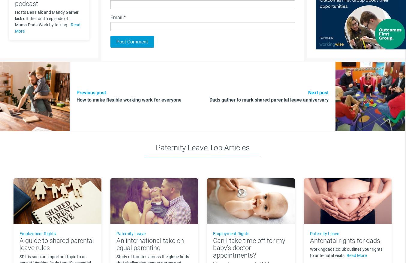  Describe the element at coordinates (344, 240) in the screenshot. I see `'Antenatal rights for dads'` at that location.